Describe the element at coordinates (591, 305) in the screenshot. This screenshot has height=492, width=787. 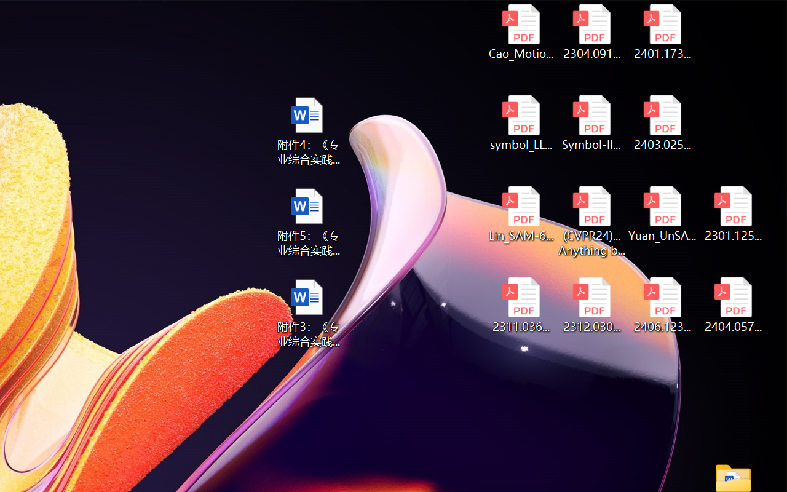
I see `'2312.03032v2.pdf'` at that location.